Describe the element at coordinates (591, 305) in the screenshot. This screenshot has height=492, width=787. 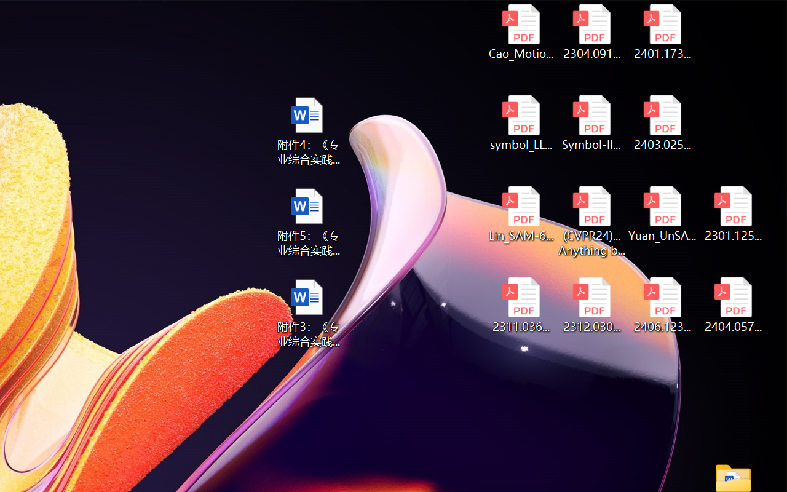
I see `'2312.03032v2.pdf'` at that location.